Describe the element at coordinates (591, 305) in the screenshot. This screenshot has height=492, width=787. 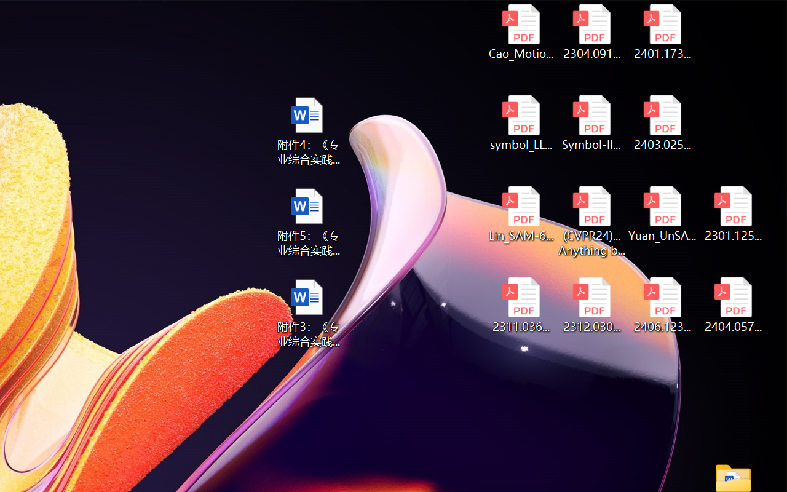
I see `'2312.03032v2.pdf'` at that location.